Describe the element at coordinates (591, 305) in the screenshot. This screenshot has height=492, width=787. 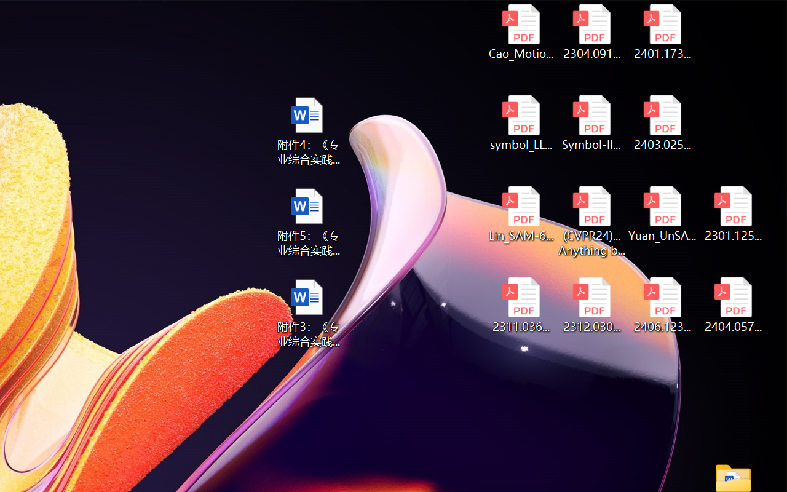
I see `'2312.03032v2.pdf'` at that location.